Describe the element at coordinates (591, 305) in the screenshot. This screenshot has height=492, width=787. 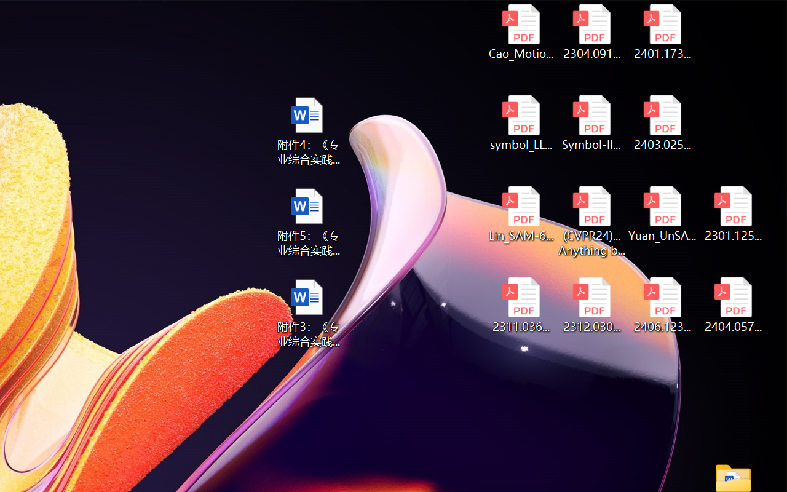
I see `'2312.03032v2.pdf'` at that location.